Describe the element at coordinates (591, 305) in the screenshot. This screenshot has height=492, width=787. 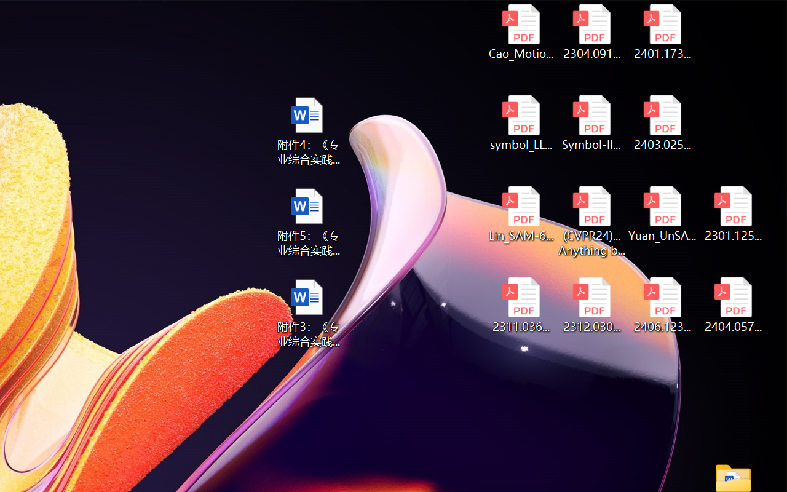
I see `'2312.03032v2.pdf'` at that location.